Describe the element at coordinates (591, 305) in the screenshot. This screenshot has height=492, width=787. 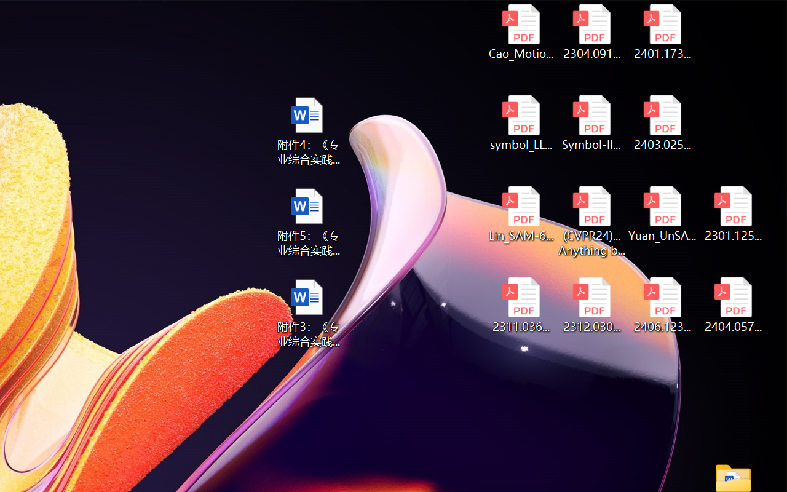
I see `'2312.03032v2.pdf'` at that location.